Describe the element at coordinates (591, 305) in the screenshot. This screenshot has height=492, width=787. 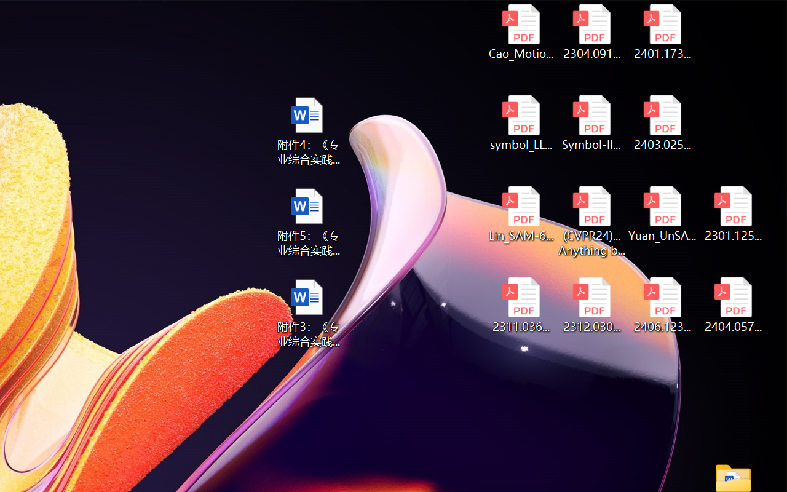
I see `'2312.03032v2.pdf'` at that location.